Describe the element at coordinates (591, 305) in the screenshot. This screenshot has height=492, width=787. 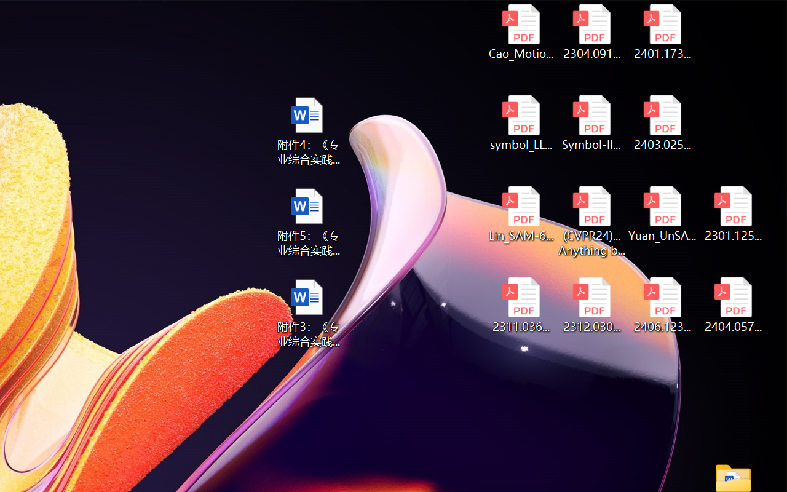
I see `'2312.03032v2.pdf'` at that location.